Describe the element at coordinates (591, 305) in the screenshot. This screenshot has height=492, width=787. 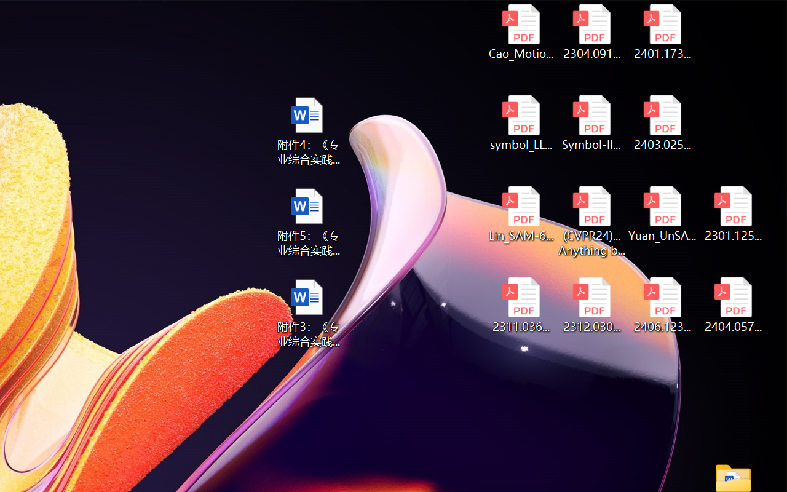
I see `'2312.03032v2.pdf'` at that location.